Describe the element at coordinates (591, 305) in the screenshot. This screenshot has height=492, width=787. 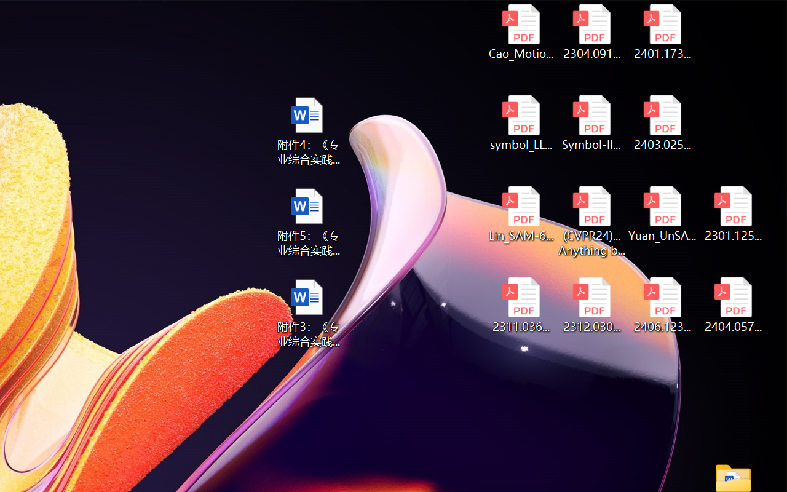
I see `'2312.03032v2.pdf'` at that location.